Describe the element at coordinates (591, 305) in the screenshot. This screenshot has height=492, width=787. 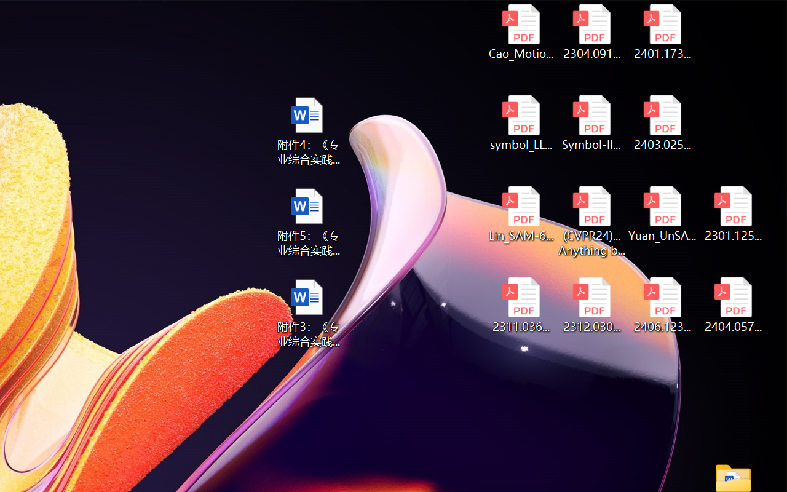
I see `'2312.03032v2.pdf'` at that location.